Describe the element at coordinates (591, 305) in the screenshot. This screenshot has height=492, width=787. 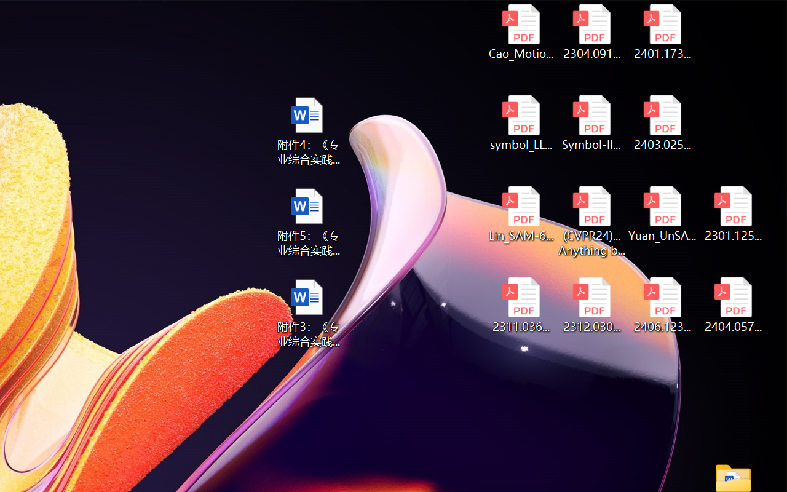
I see `'2312.03032v2.pdf'` at that location.